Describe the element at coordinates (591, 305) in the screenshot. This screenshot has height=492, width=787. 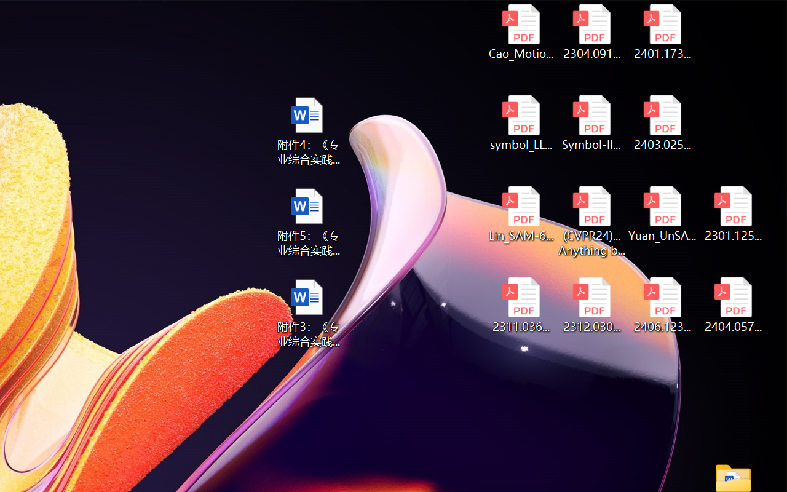
I see `'2312.03032v2.pdf'` at that location.